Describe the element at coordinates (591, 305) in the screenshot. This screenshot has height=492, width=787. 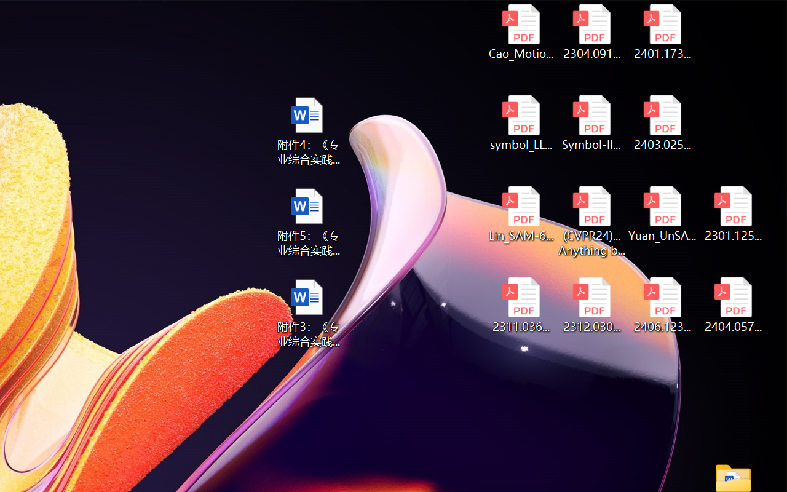
I see `'2312.03032v2.pdf'` at that location.